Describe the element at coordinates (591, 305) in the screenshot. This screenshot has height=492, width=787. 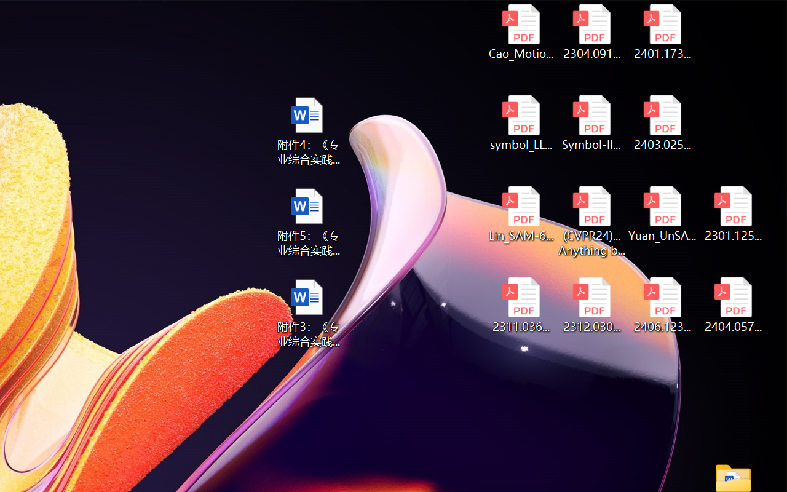
I see `'2312.03032v2.pdf'` at that location.